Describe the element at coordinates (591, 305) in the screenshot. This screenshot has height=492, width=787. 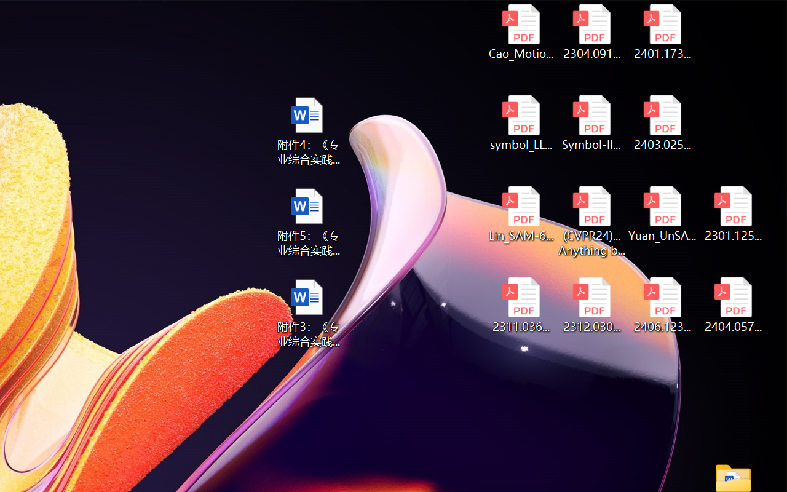
I see `'2312.03032v2.pdf'` at that location.